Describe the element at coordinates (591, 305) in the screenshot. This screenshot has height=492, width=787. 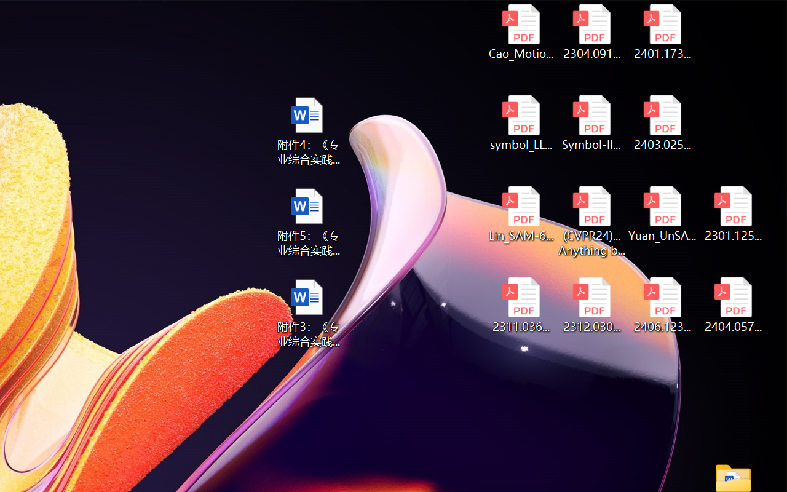
I see `'2312.03032v2.pdf'` at that location.